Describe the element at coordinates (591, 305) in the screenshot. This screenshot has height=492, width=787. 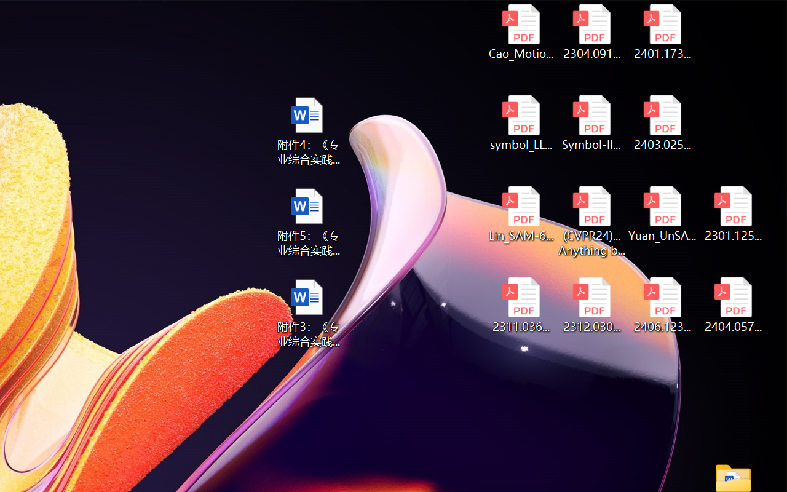
I see `'2312.03032v2.pdf'` at that location.